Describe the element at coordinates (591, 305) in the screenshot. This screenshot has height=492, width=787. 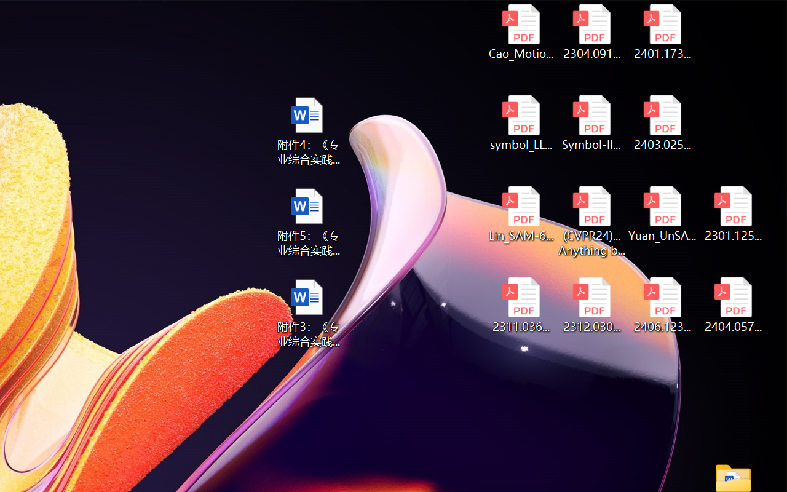
I see `'2312.03032v2.pdf'` at that location.